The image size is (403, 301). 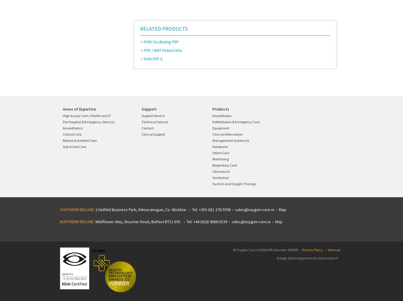 I want to click on 'Anaesthesia', so click(x=222, y=116).